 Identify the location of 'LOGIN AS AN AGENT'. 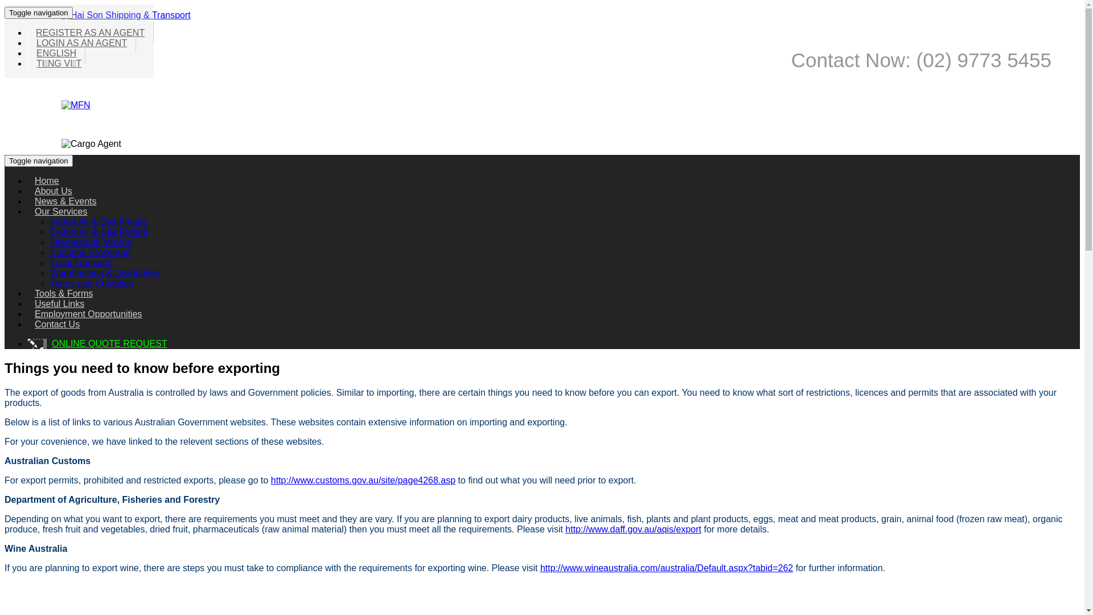
(27, 42).